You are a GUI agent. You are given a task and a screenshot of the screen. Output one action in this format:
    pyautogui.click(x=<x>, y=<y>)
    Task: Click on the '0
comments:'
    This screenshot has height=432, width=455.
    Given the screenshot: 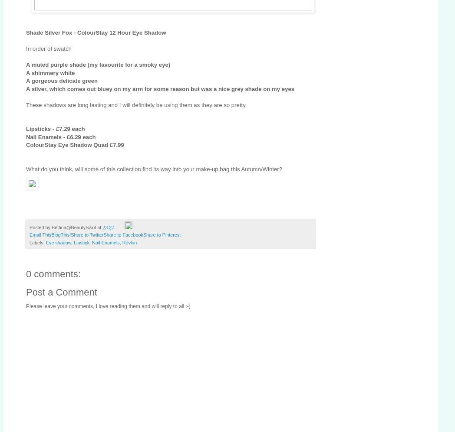 What is the action you would take?
    pyautogui.click(x=53, y=273)
    